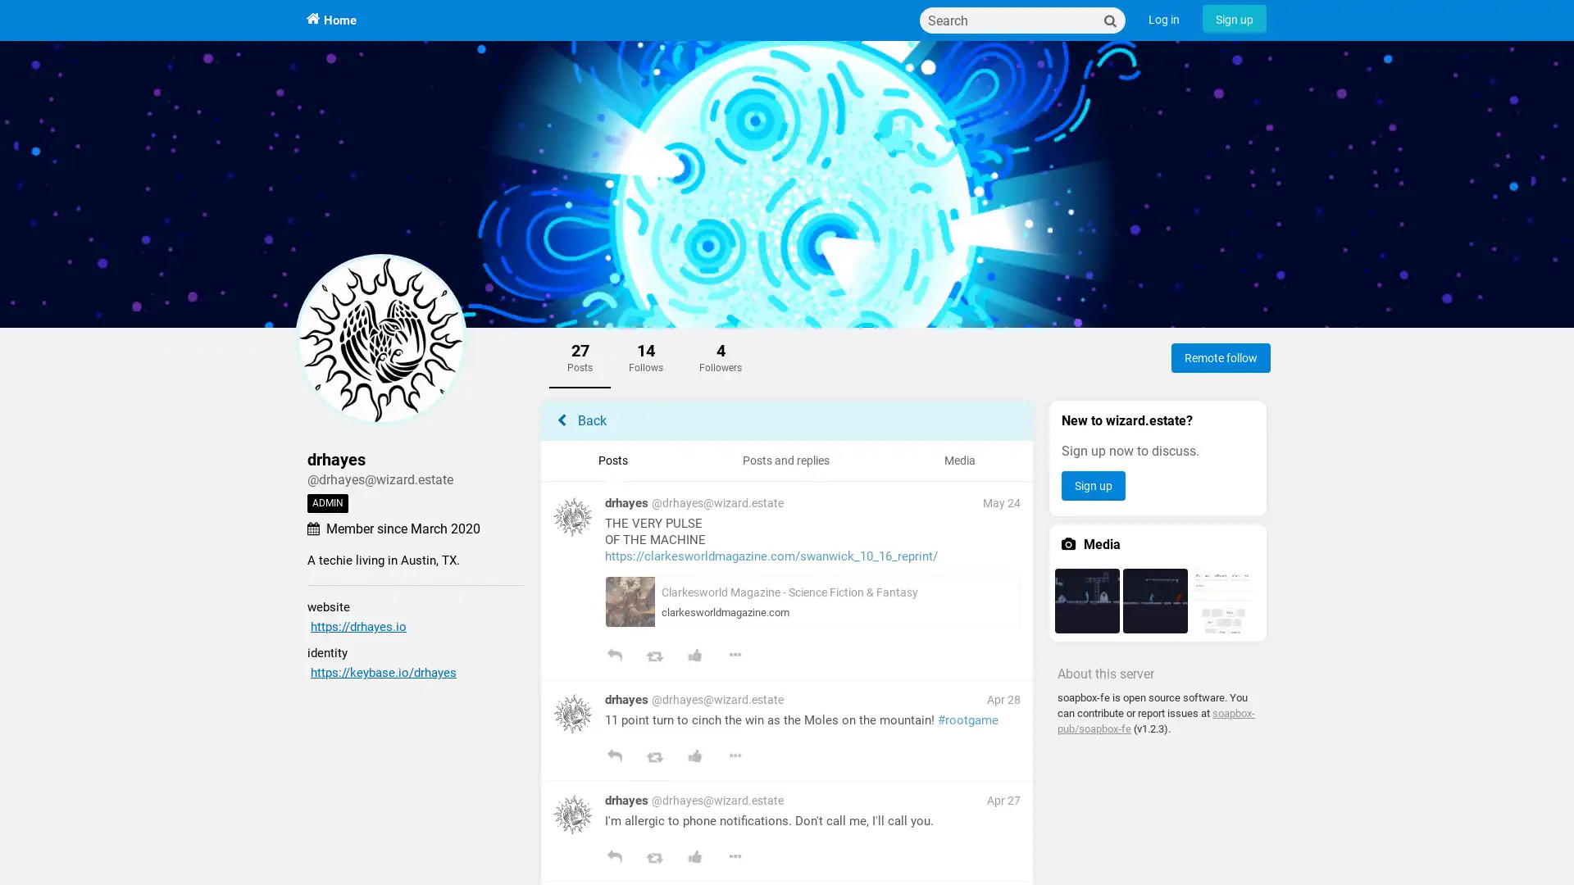 Image resolution: width=1574 pixels, height=885 pixels. I want to click on Repost, so click(653, 858).